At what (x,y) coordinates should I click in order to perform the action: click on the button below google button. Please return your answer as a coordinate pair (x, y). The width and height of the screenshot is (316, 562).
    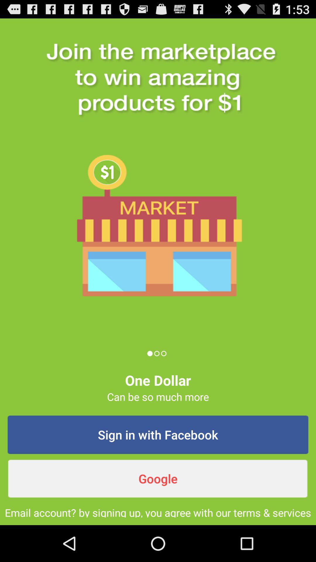
    Looking at the image, I should click on (158, 511).